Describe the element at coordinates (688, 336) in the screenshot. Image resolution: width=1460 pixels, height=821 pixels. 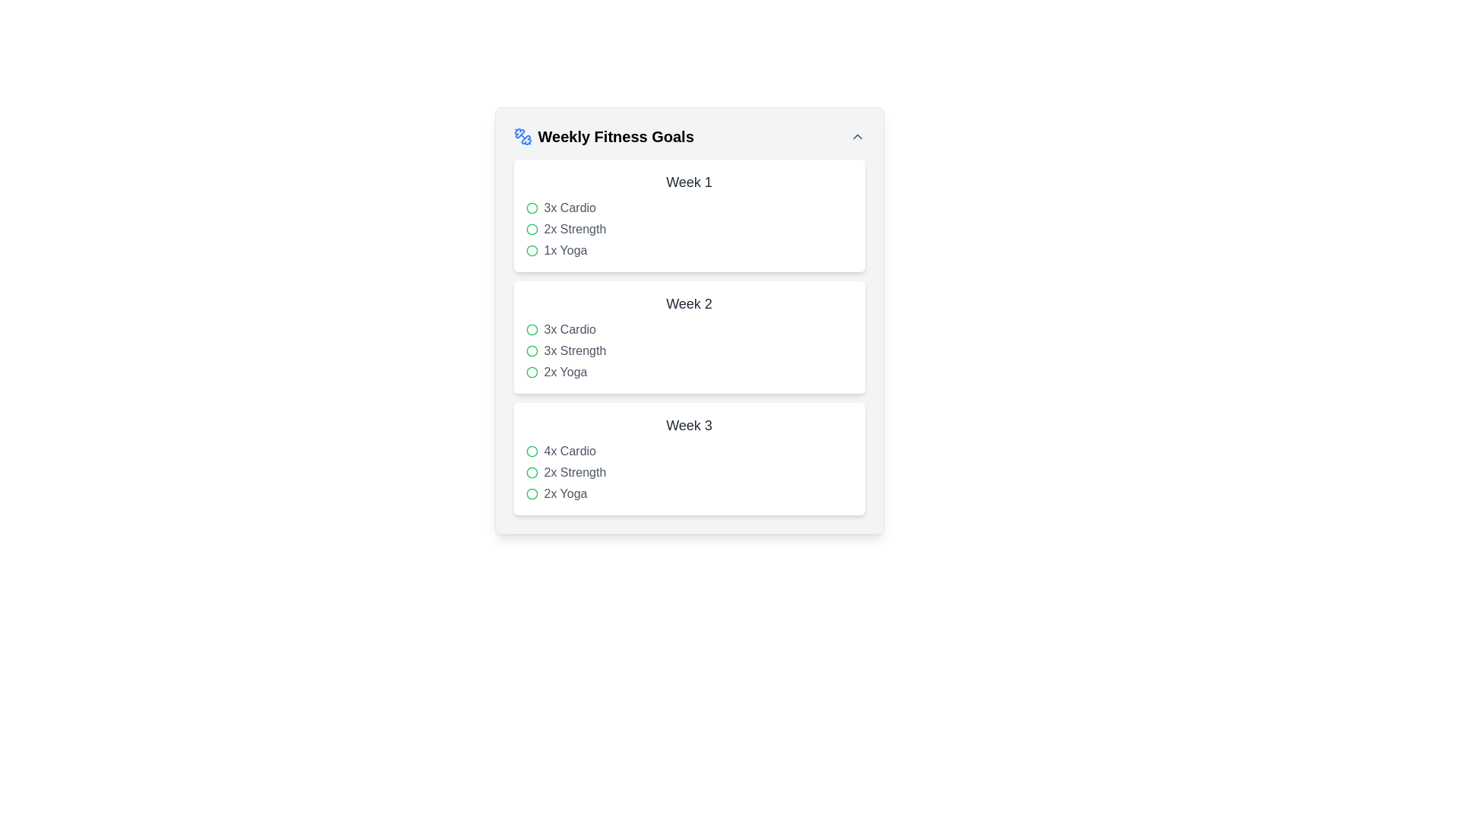
I see `the textual list item with decorative icons that presents detailed information about physical activities planned for the week, located in the middle section of the 'Weekly Fitness Goals'` at that location.